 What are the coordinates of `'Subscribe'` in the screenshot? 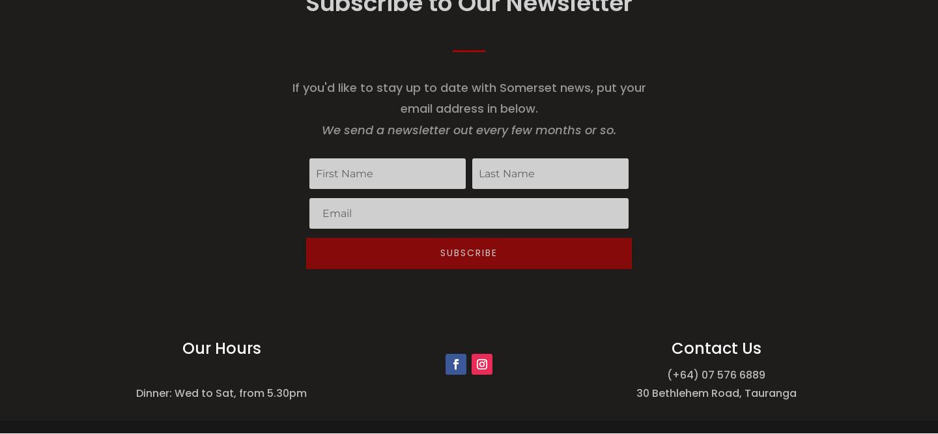 It's located at (440, 253).